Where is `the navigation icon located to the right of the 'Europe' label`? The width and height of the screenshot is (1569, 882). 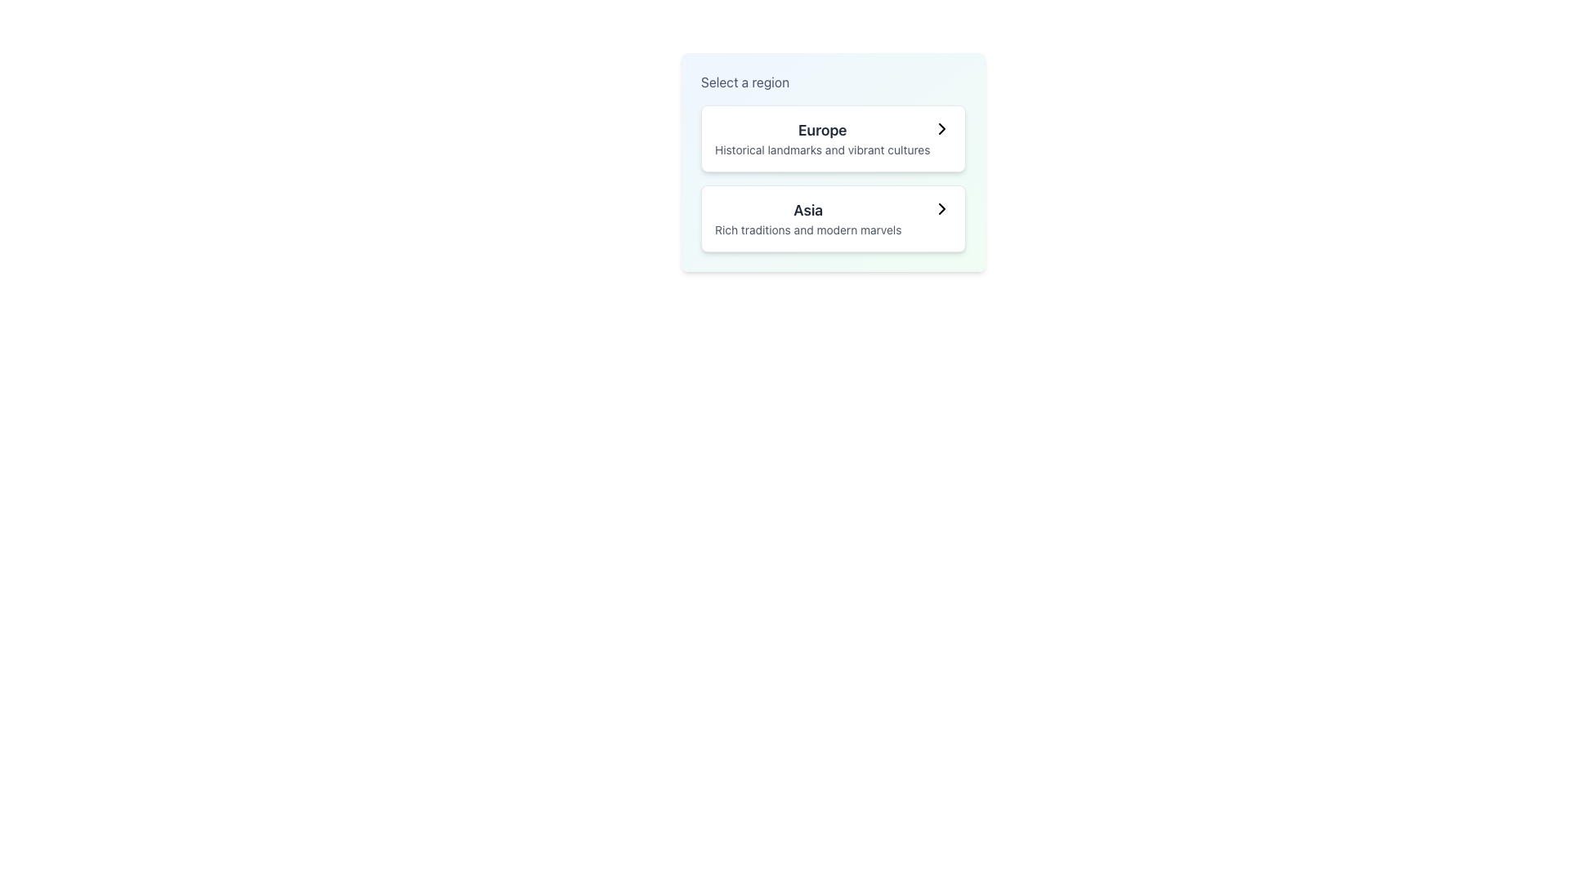 the navigation icon located to the right of the 'Europe' label is located at coordinates (941, 128).